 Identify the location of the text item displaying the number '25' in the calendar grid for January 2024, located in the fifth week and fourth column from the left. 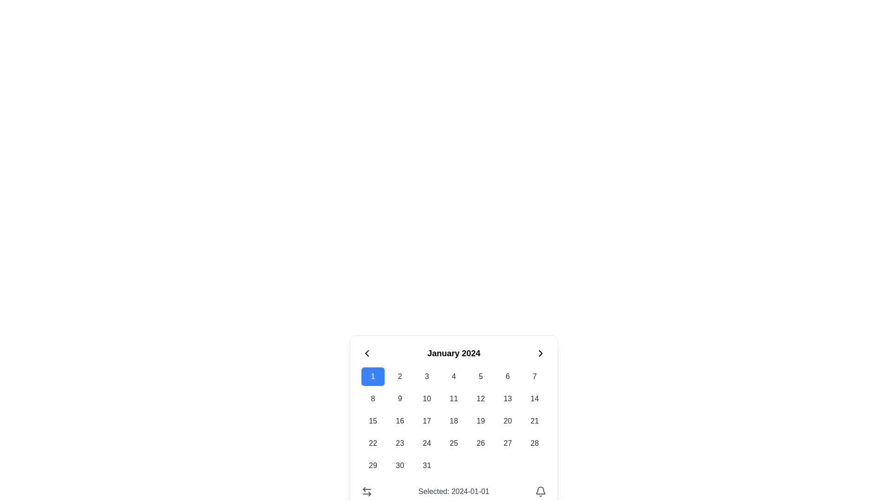
(454, 443).